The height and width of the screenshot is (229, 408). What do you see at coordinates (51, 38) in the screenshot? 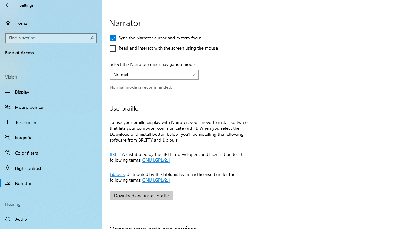
I see `'Search box, Find a setting'` at bounding box center [51, 38].